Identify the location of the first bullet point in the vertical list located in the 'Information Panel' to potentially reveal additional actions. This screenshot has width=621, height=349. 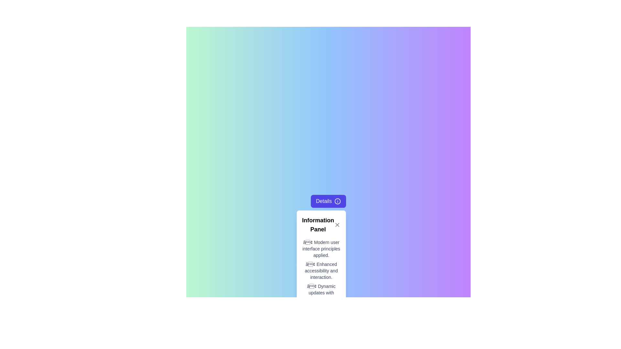
(321, 249).